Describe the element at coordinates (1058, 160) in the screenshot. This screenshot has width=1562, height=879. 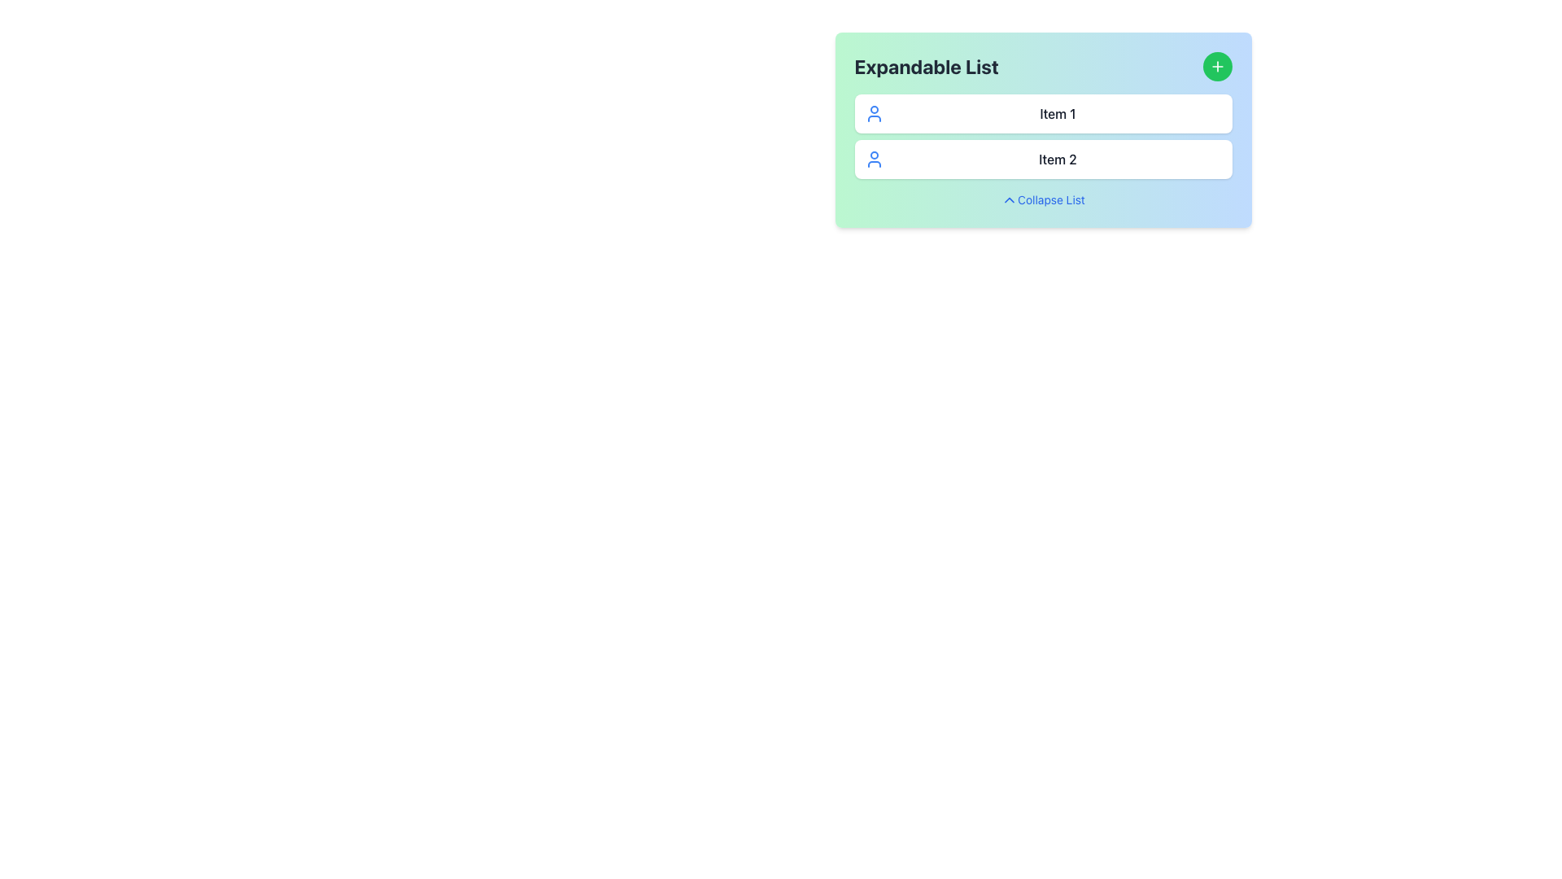
I see `the Text label displaying 'Item 2' in the vertical list layout, positioned below 'Item 1' and to the right of the blue user icon` at that location.